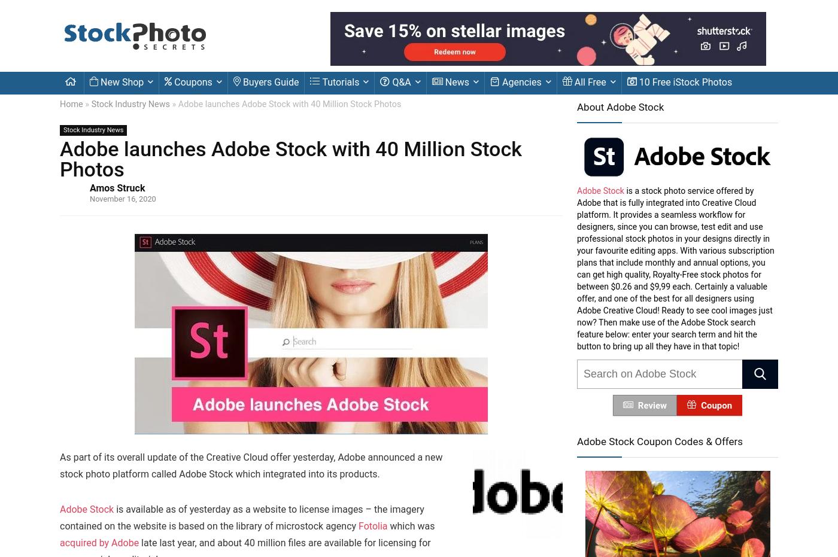 The image size is (838, 557). What do you see at coordinates (338, 352) in the screenshot?
I see `'I am a publisher and entrepreneur in the stock imagery field. I focus on providing knowledge and solutions for buyers, contributors and agencies, aiming at contributing to the growth and development of the industry. I am the founder and editor of Stock Photo Press, one of the largest networks of online magazines in the industry. I am the founder of Microstock Expo, the only conference dedicated to the microstock segment. I created several software solutions in stock photography like WordPress plugins. Plus I am a recurrent speaker at Photokina Official Stage, and an industry consultant at StockPhotoInsight. I am passionate about technology, marketing and visual imagery.'` at bounding box center [338, 352].